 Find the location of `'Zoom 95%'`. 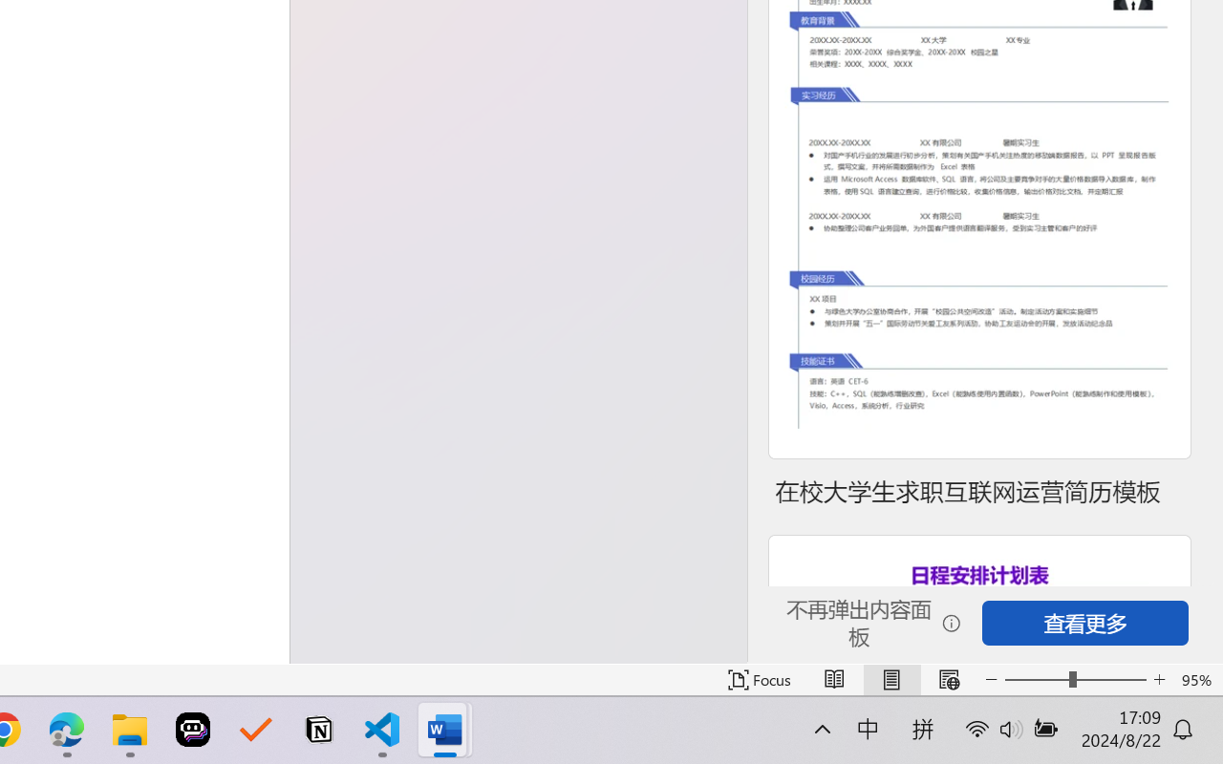

'Zoom 95%' is located at coordinates (1196, 679).